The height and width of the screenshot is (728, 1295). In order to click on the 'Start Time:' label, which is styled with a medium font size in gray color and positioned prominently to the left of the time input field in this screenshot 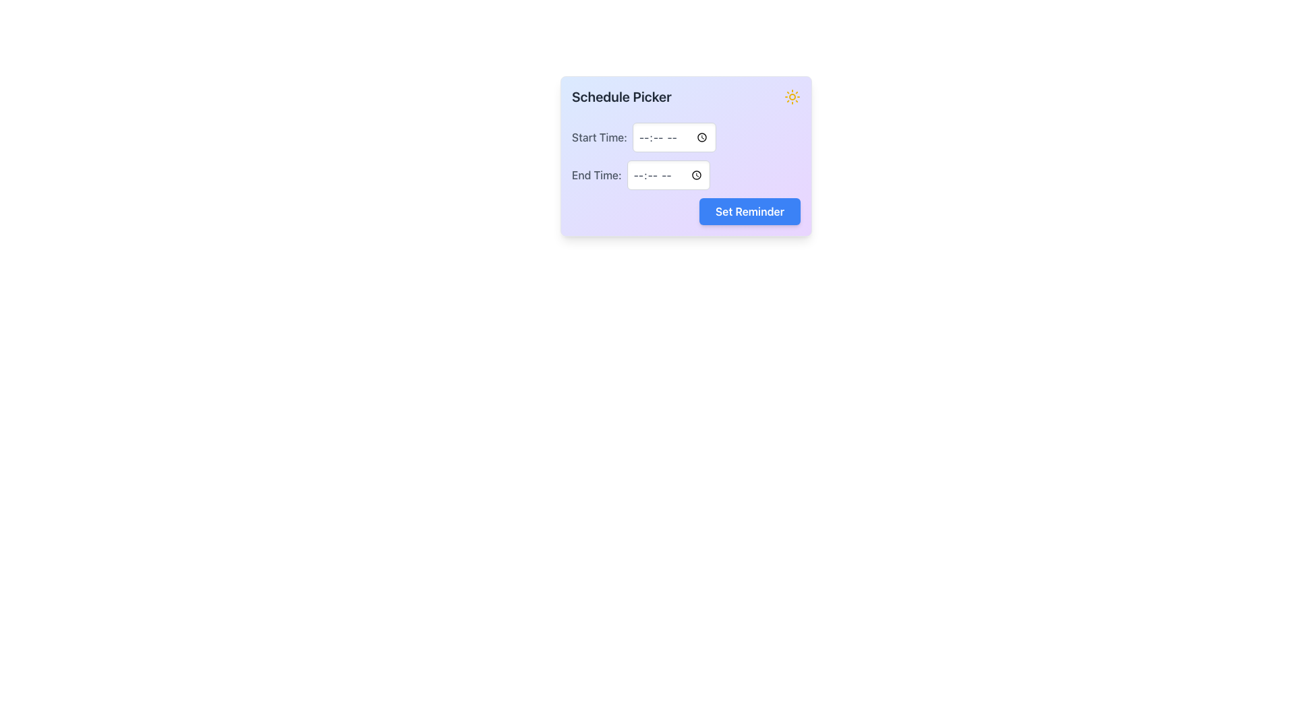, I will do `click(598, 138)`.